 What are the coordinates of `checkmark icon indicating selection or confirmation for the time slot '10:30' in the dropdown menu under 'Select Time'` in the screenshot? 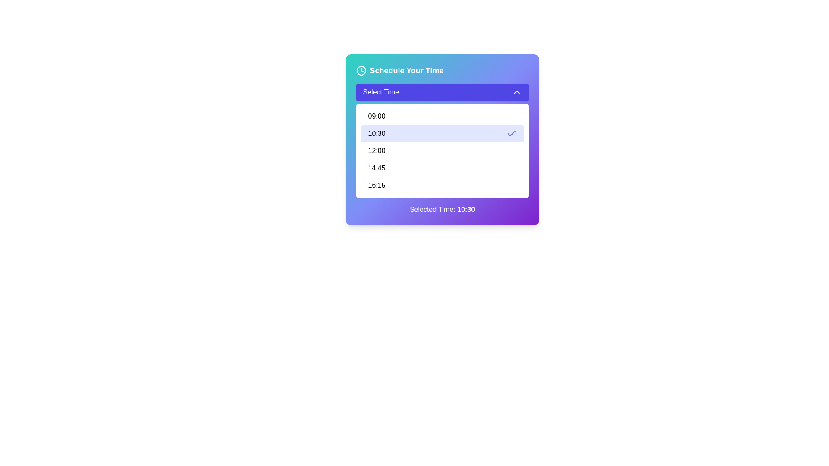 It's located at (511, 133).